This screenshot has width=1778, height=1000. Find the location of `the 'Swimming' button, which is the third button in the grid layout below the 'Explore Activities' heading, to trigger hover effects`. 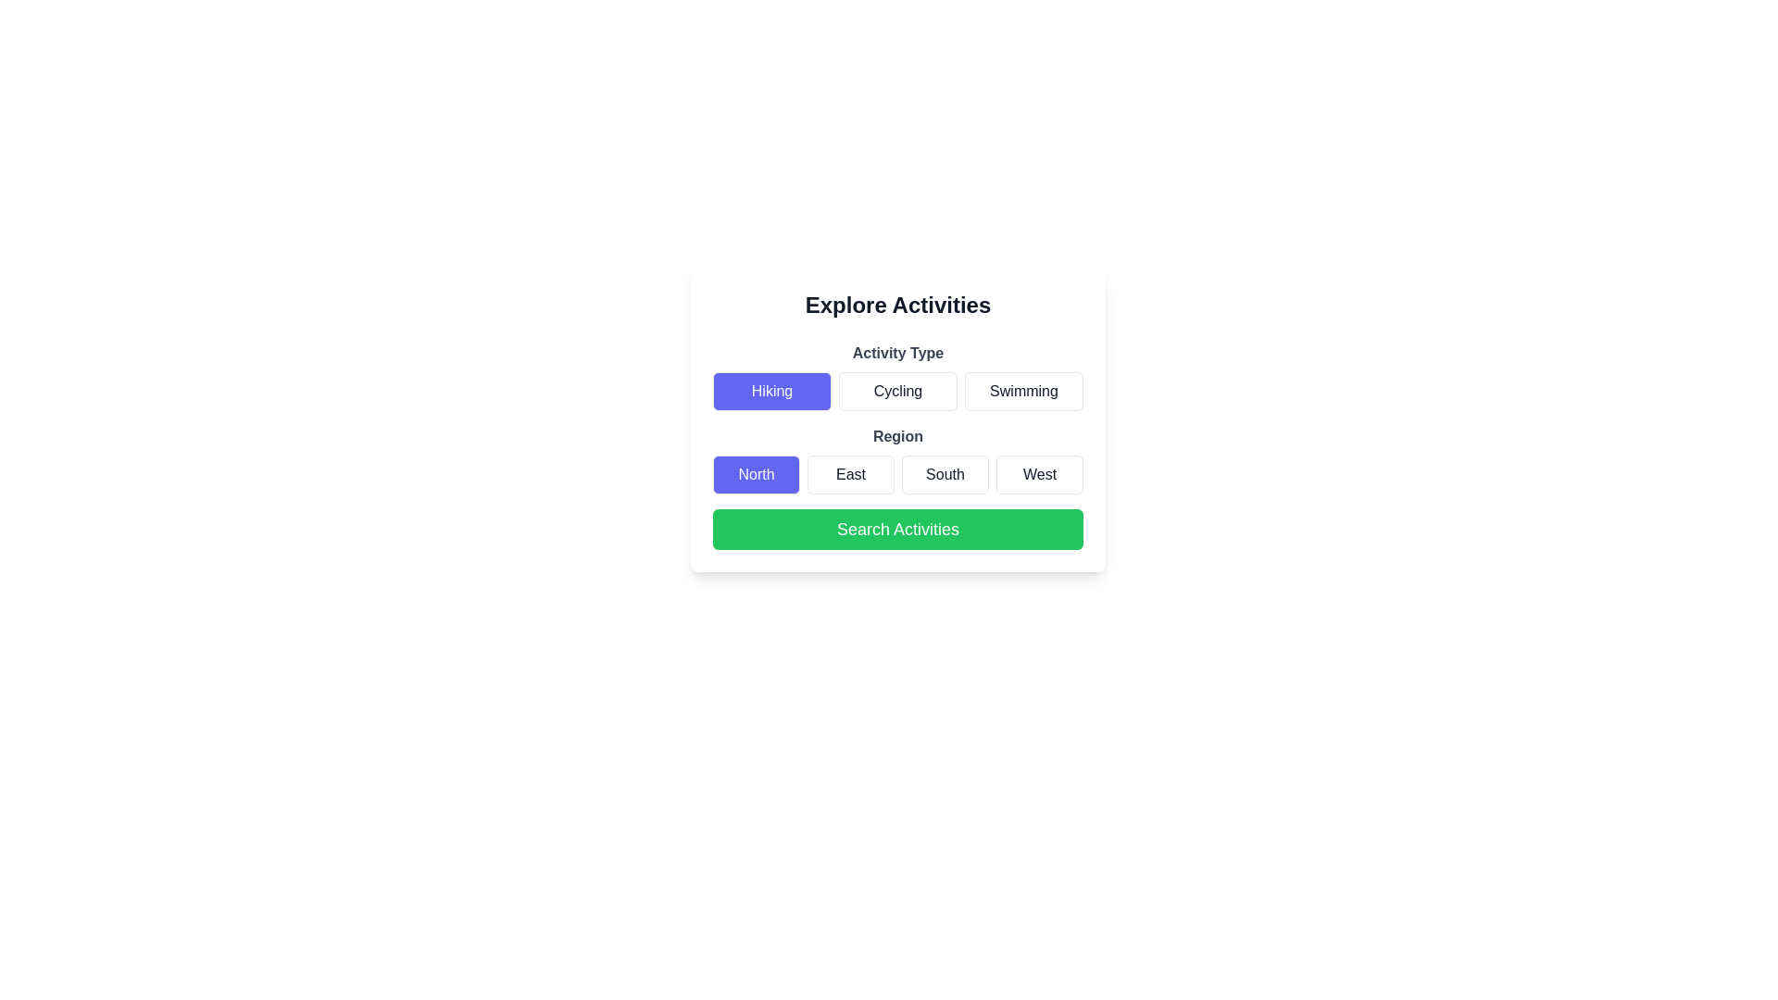

the 'Swimming' button, which is the third button in the grid layout below the 'Explore Activities' heading, to trigger hover effects is located at coordinates (1022, 391).